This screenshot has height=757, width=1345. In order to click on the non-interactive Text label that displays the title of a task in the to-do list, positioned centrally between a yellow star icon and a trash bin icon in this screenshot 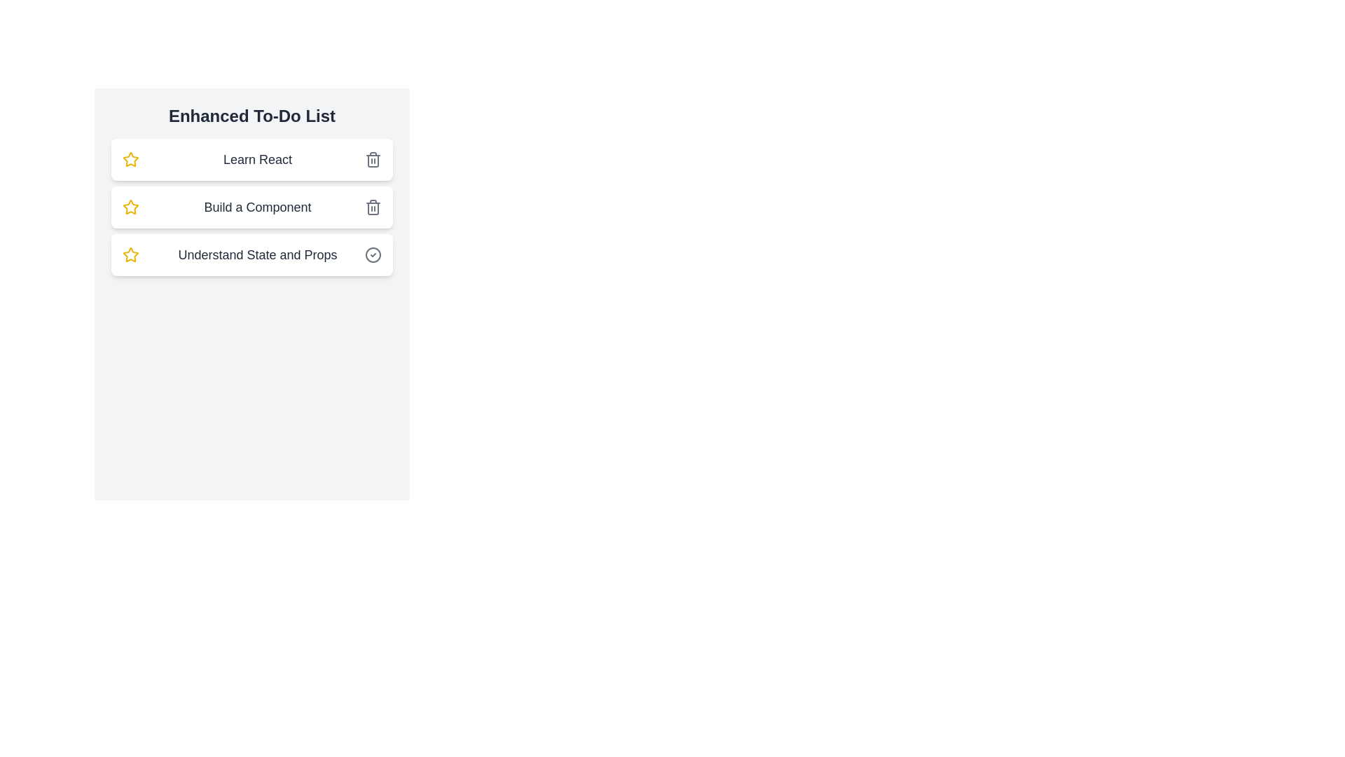, I will do `click(258, 207)`.